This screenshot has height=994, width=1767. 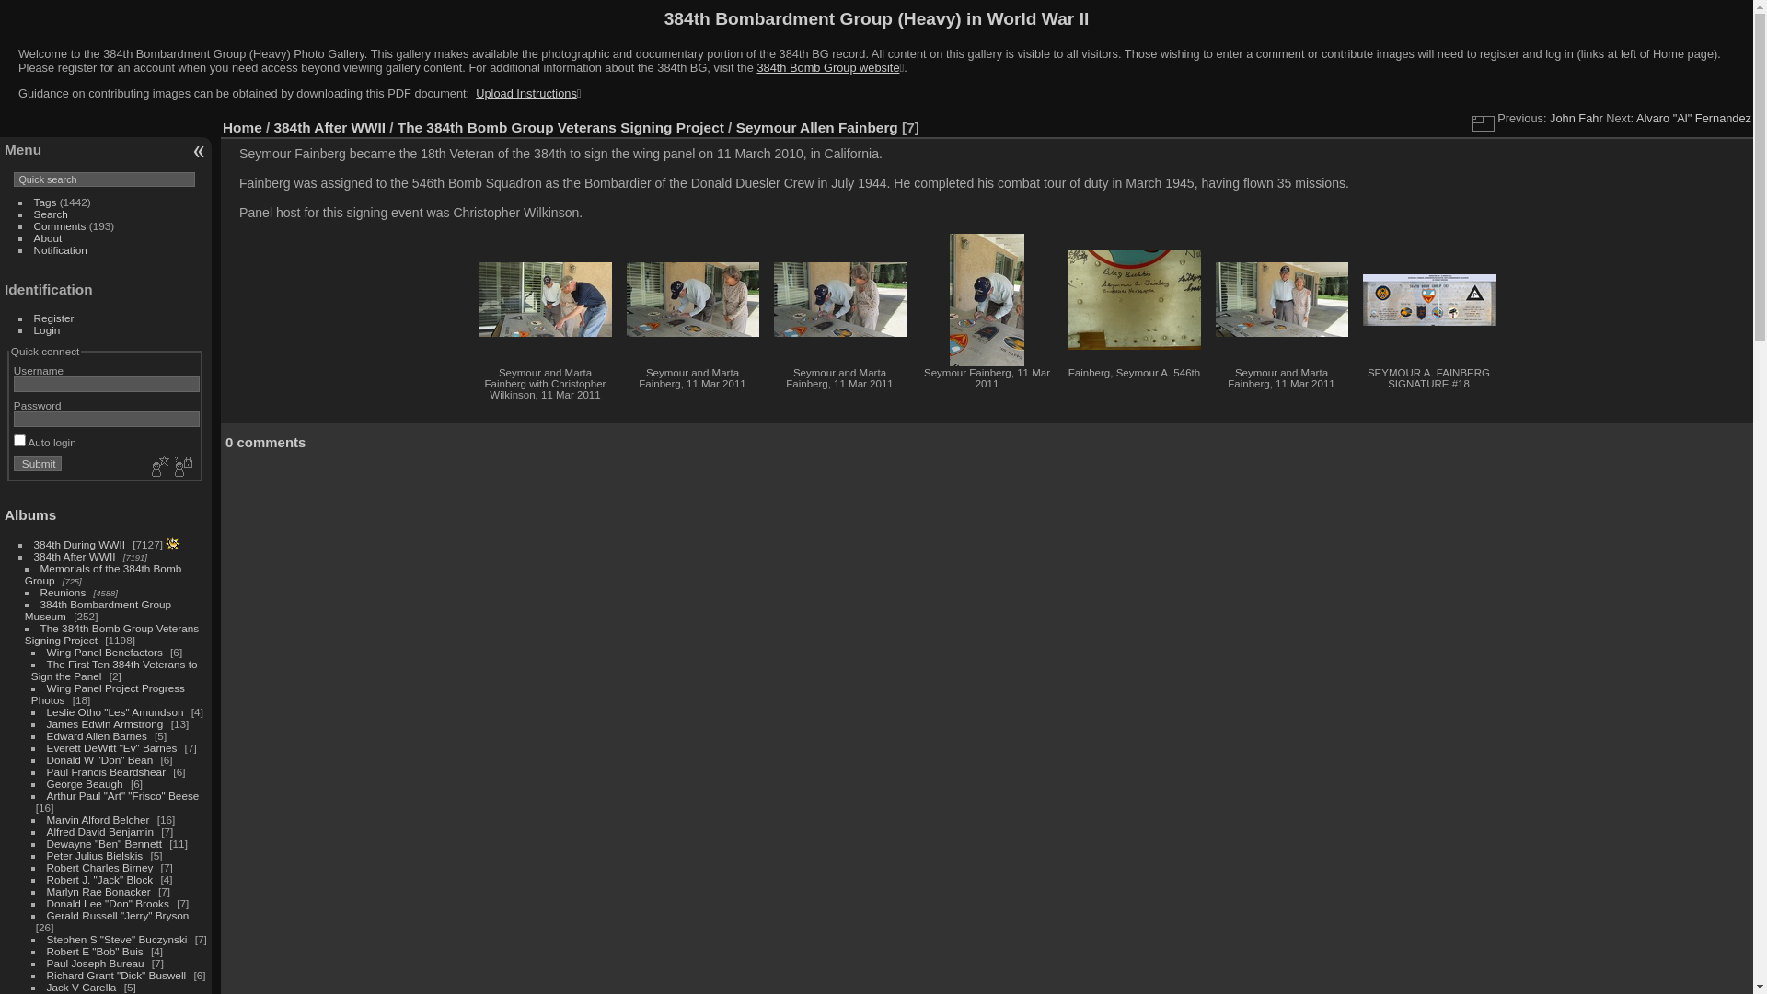 I want to click on 'photos posted during the last 7 days', so click(x=172, y=542).